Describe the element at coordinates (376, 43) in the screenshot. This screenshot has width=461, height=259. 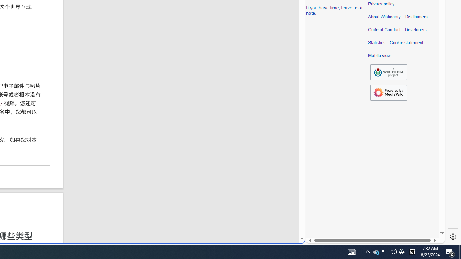
I see `'Statistics'` at that location.